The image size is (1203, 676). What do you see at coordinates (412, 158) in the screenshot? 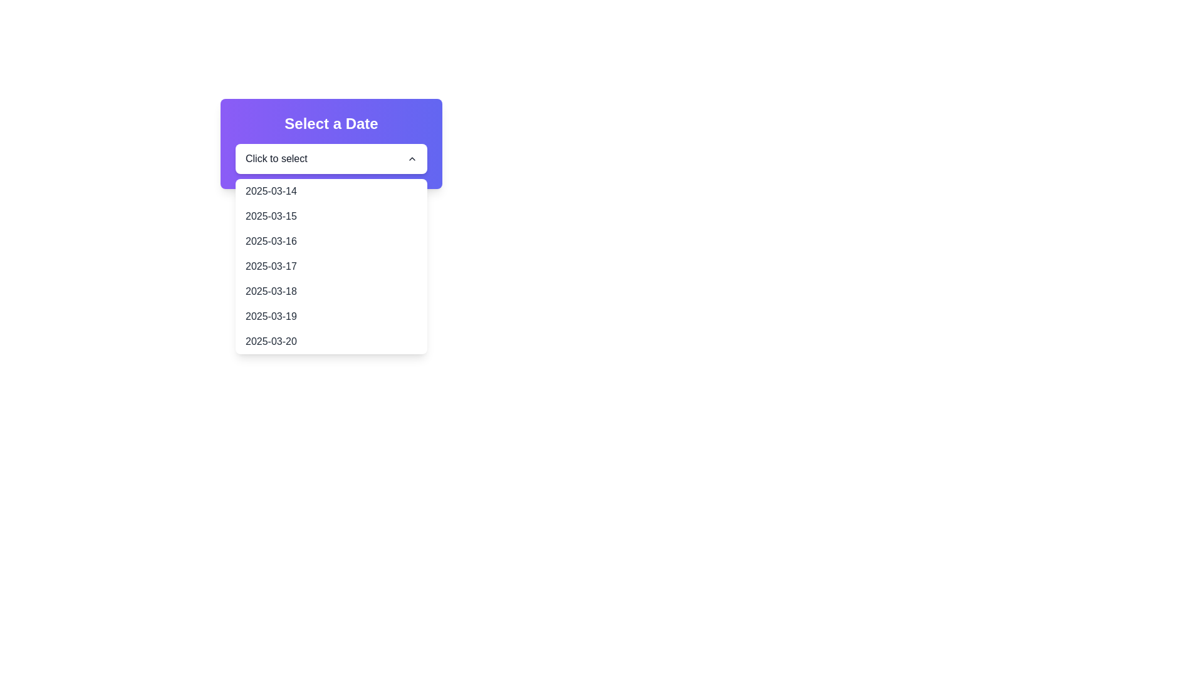
I see `the Chevron-Up icon located to the right of the text 'Click to select' in the dropdown header` at bounding box center [412, 158].